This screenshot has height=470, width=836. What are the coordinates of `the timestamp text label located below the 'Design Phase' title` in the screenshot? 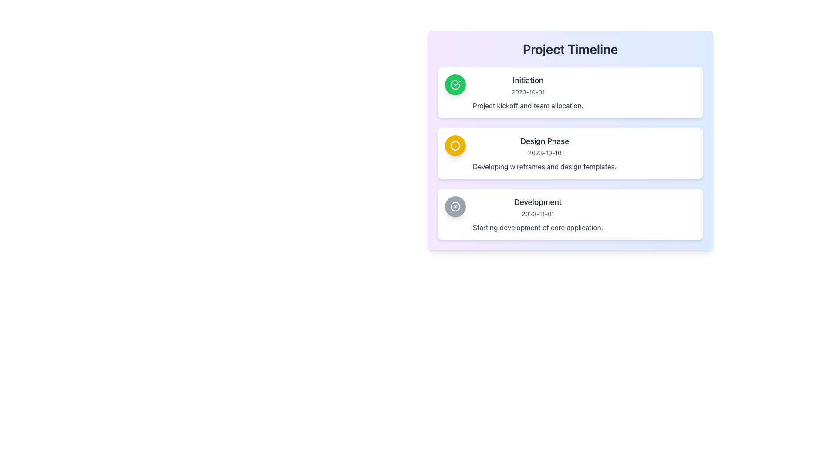 It's located at (544, 152).